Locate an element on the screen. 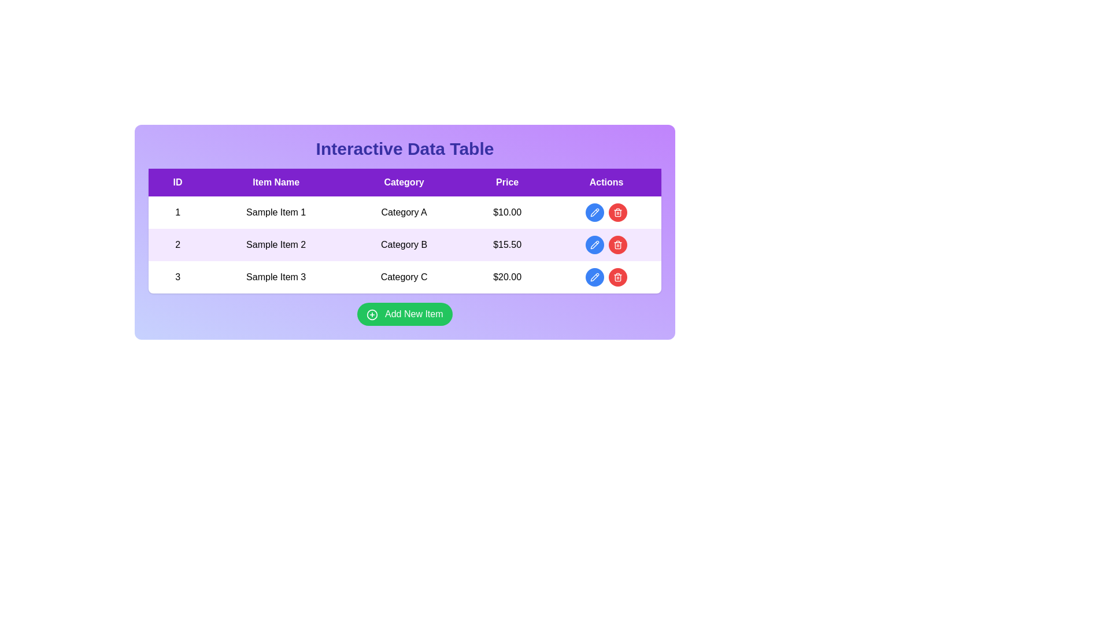  the 'Add New Item' button located at the bottom center of the interface is located at coordinates (405, 314).